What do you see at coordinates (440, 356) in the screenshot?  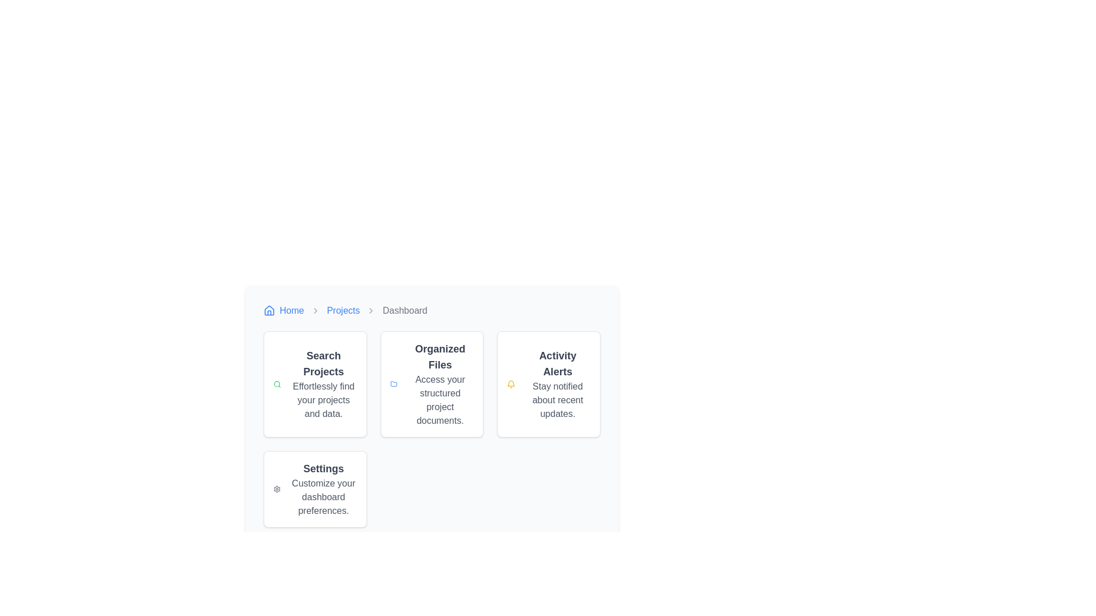 I see `the heading text element located at the top of the second card in a row of three cards on the dashboard, which provides an overview of the card's content regarding organized files` at bounding box center [440, 356].